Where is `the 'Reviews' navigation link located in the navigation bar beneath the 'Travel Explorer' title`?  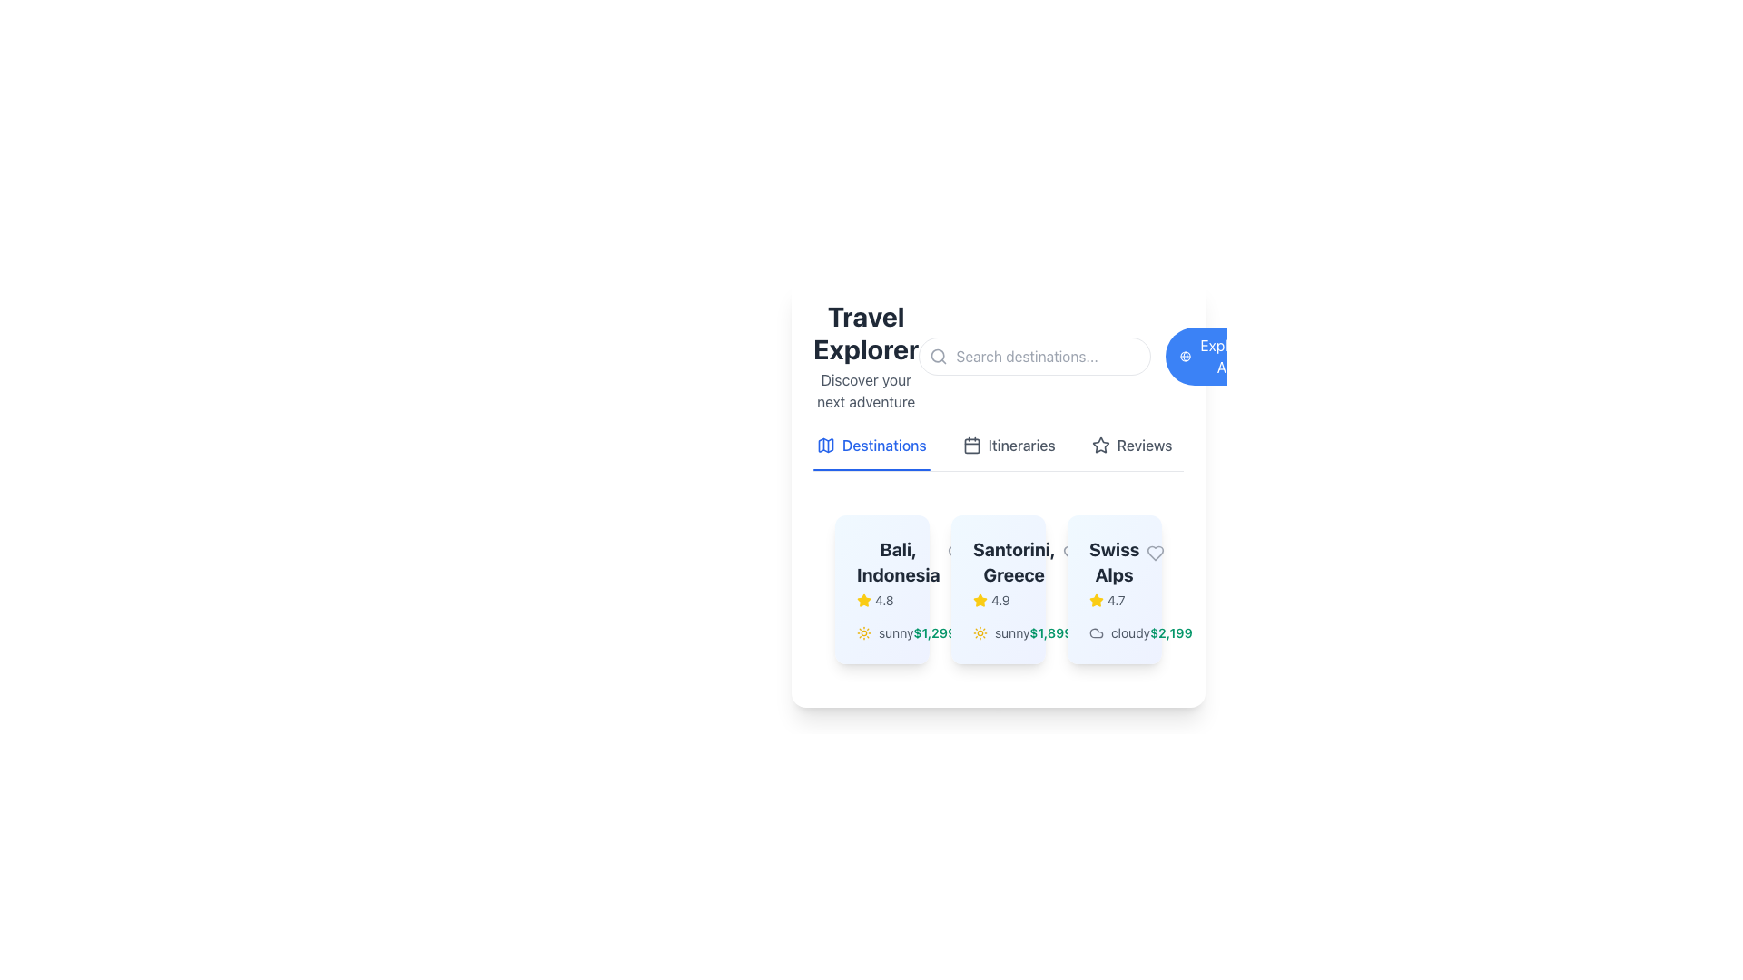 the 'Reviews' navigation link located in the navigation bar beneath the 'Travel Explorer' title is located at coordinates (1131, 451).